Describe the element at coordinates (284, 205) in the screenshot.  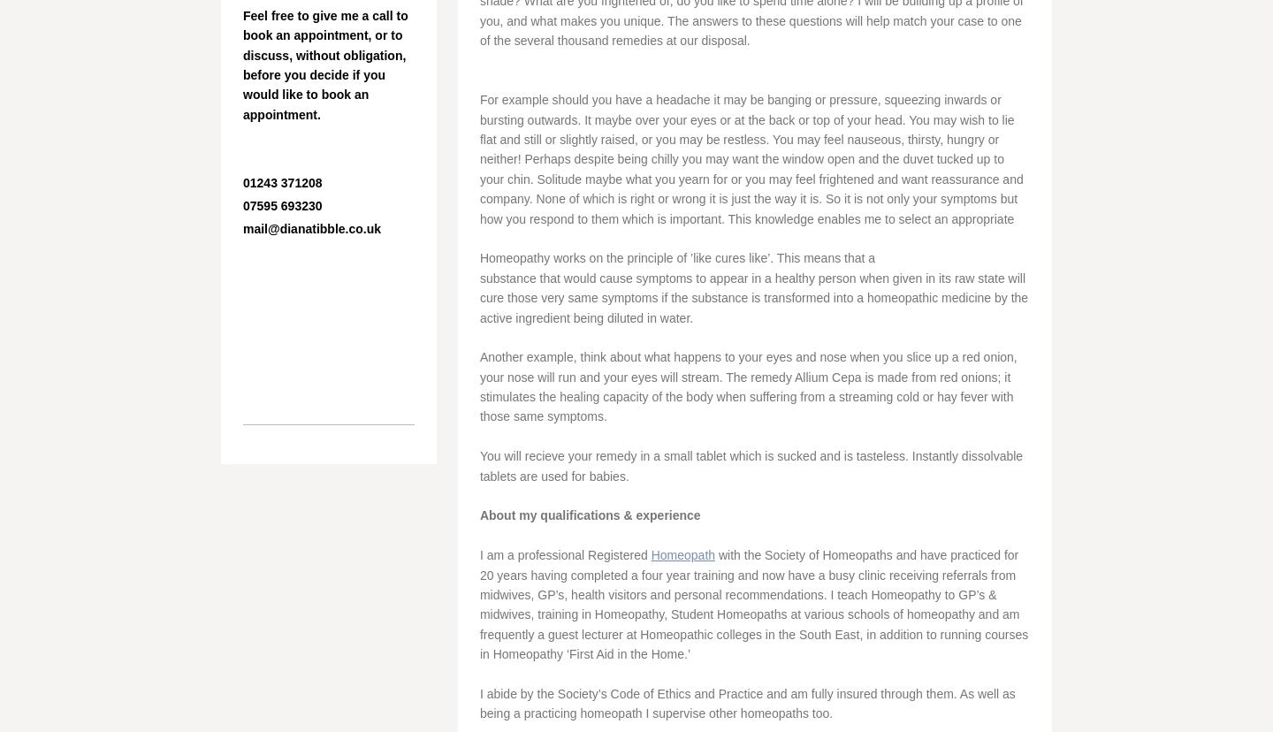
I see `'07595 693230'` at that location.